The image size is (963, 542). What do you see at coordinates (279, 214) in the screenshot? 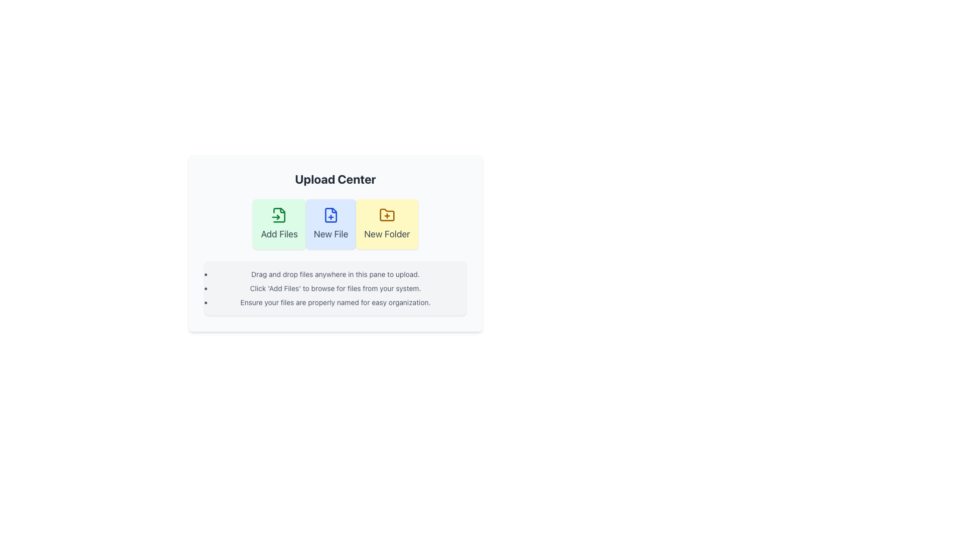
I see `the first icon in the 'Add Files' option within the 'Upload Center', which visually indicates the functionality for adding files` at bounding box center [279, 214].